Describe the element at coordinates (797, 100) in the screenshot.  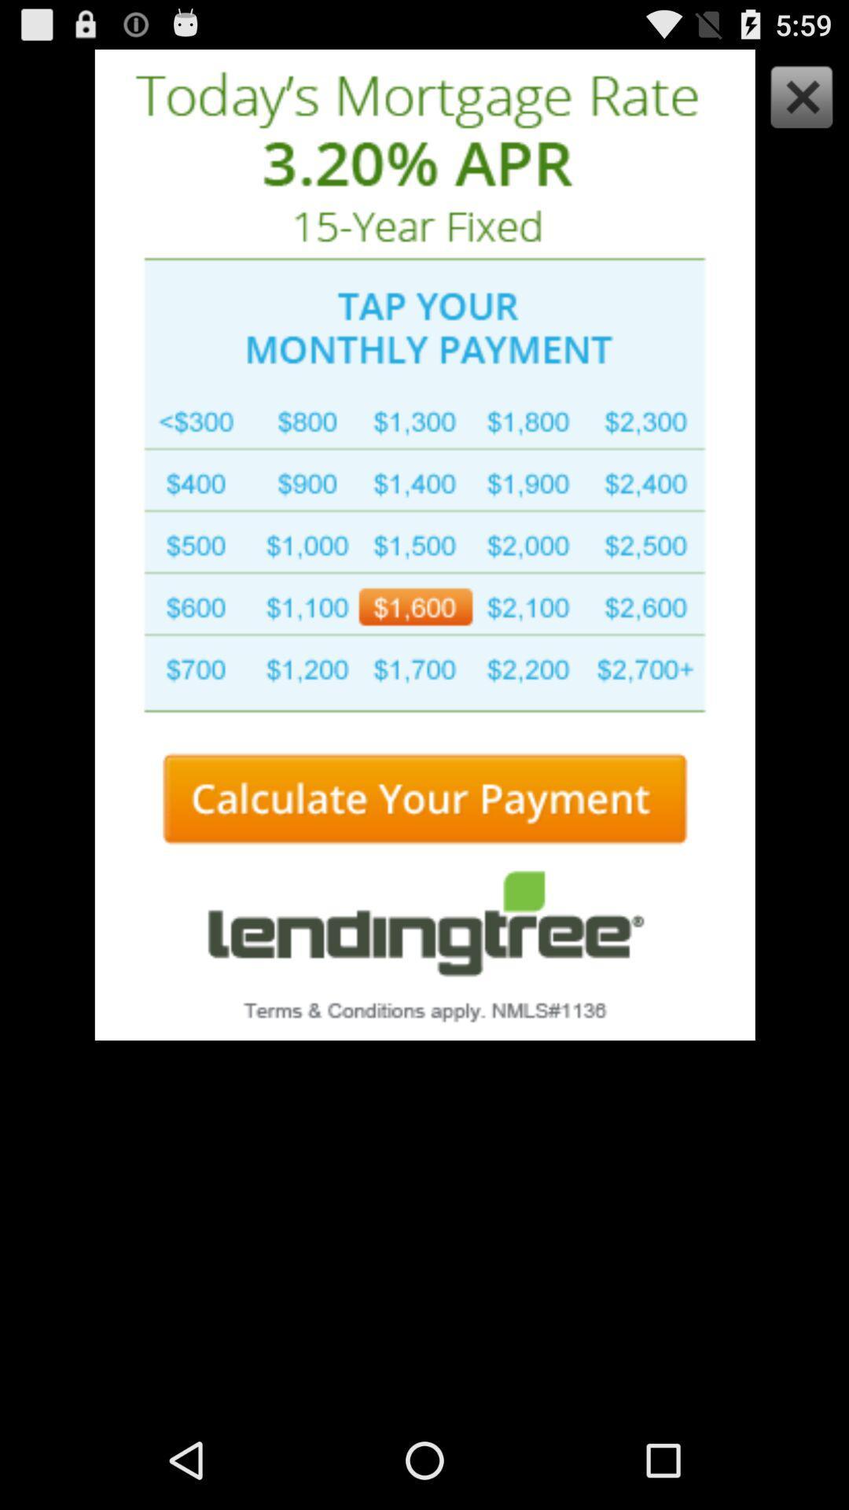
I see `advertisement` at that location.